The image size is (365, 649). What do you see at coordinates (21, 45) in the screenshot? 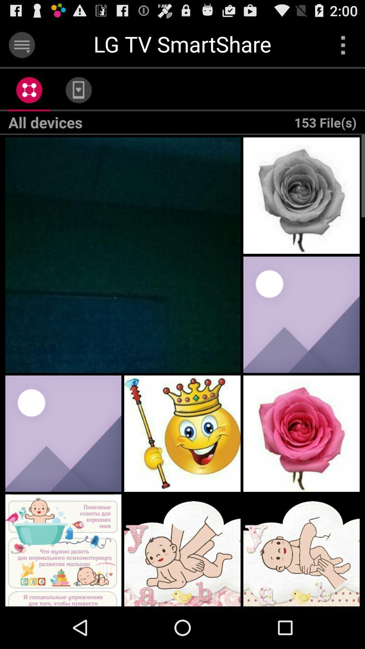
I see `open settings menu` at bounding box center [21, 45].